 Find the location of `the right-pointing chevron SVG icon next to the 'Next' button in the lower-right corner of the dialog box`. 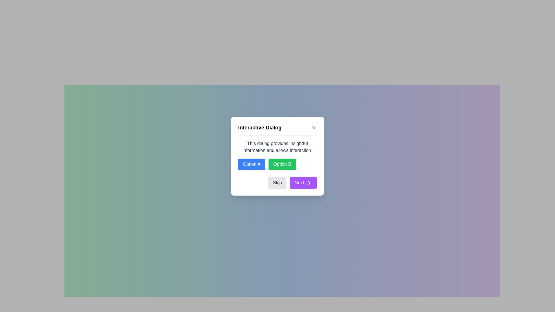

the right-pointing chevron SVG icon next to the 'Next' button in the lower-right corner of the dialog box is located at coordinates (309, 183).